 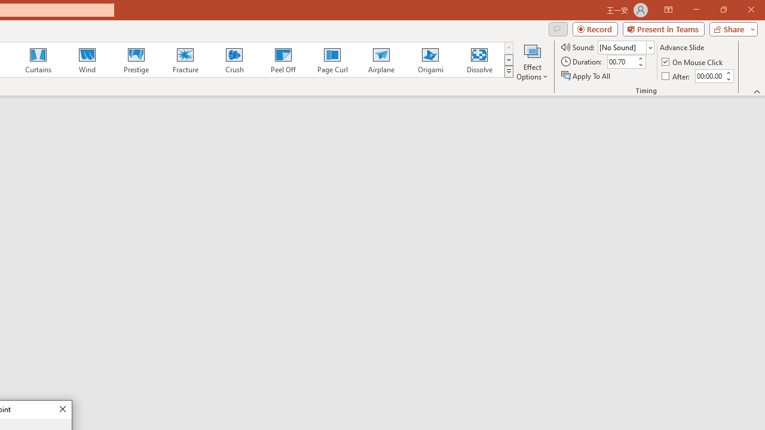 What do you see at coordinates (380, 60) in the screenshot?
I see `'Airplane'` at bounding box center [380, 60].